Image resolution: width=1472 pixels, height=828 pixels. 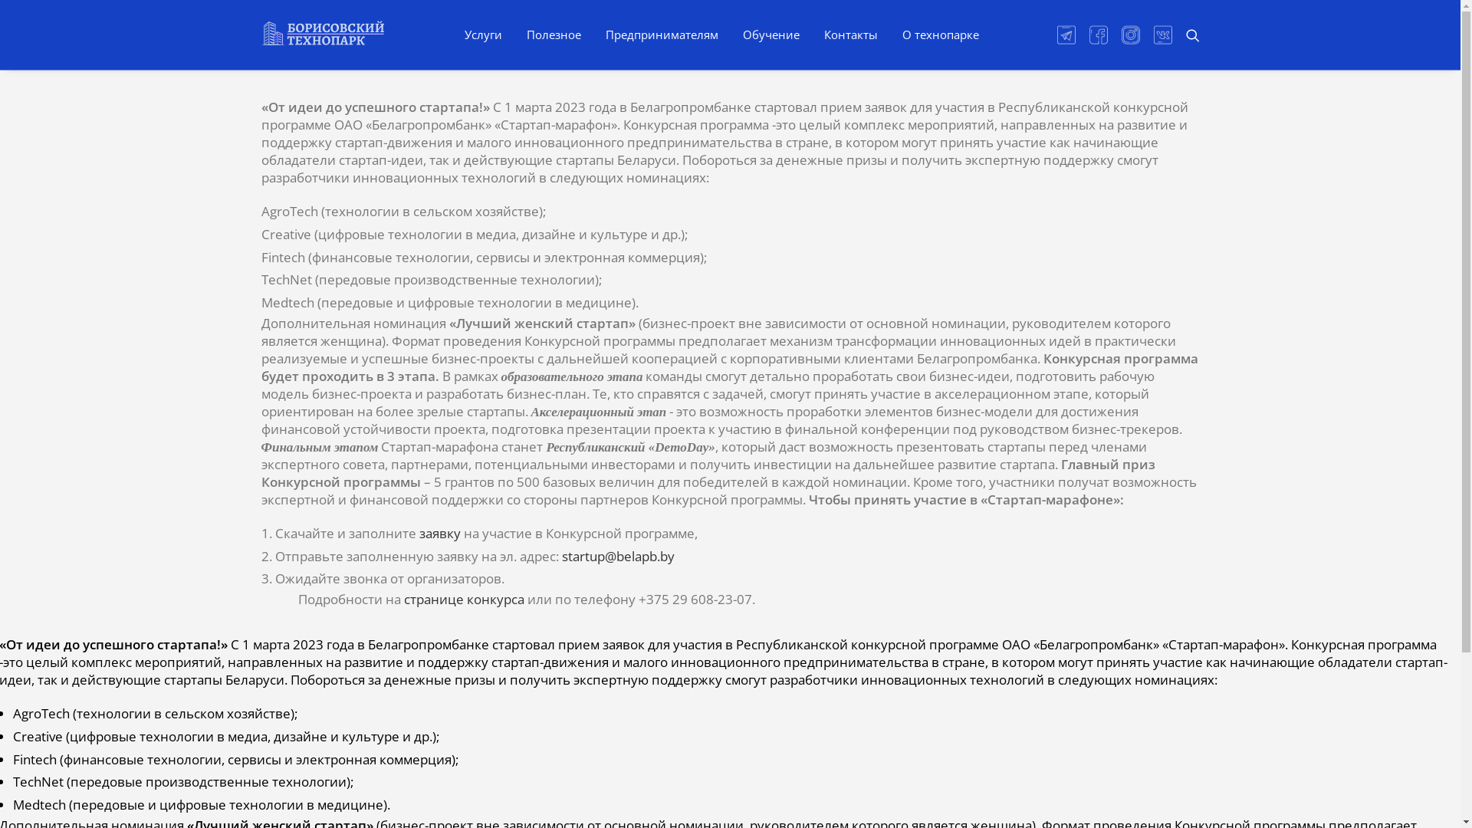 What do you see at coordinates (617, 556) in the screenshot?
I see `'startup@belapb.by'` at bounding box center [617, 556].